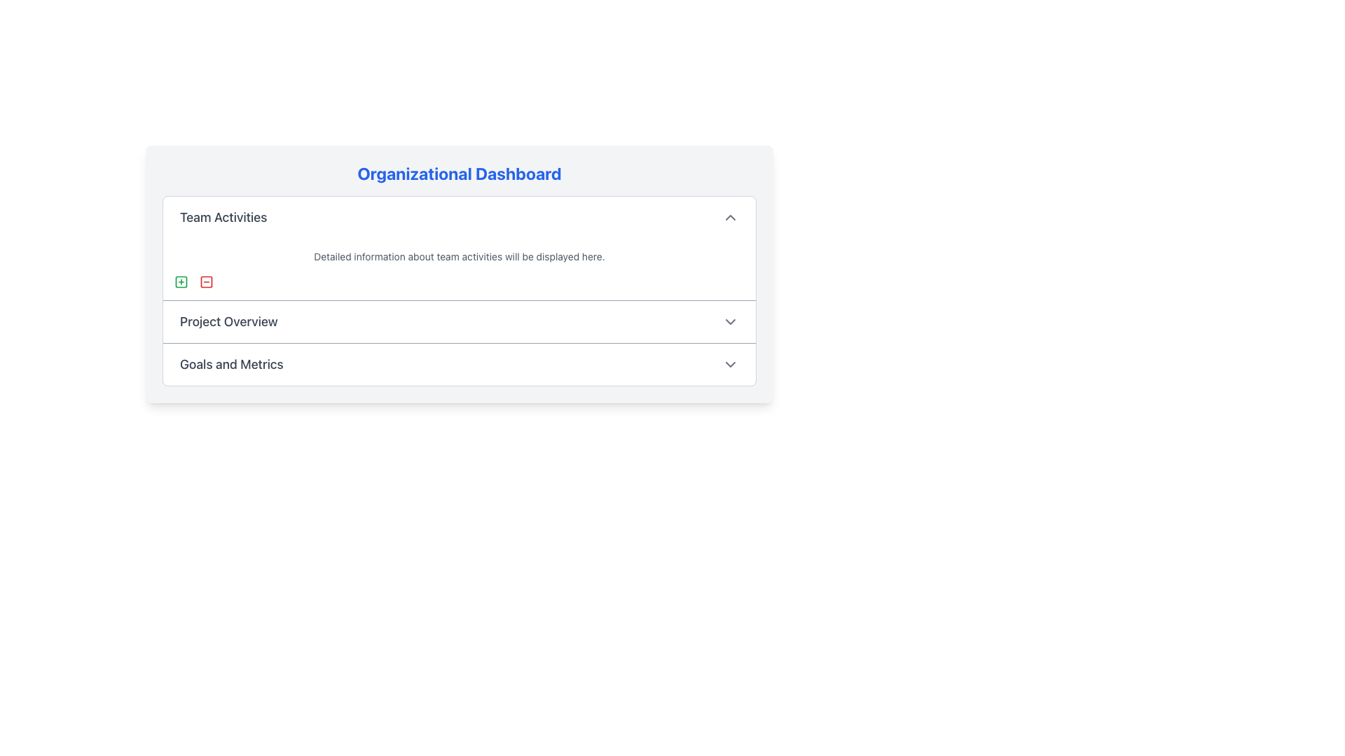 This screenshot has width=1345, height=756. What do you see at coordinates (460, 247) in the screenshot?
I see `text from the first section that displays information related to team activities, positioned above 'Project Overview' and 'Goals and Metrics'` at bounding box center [460, 247].